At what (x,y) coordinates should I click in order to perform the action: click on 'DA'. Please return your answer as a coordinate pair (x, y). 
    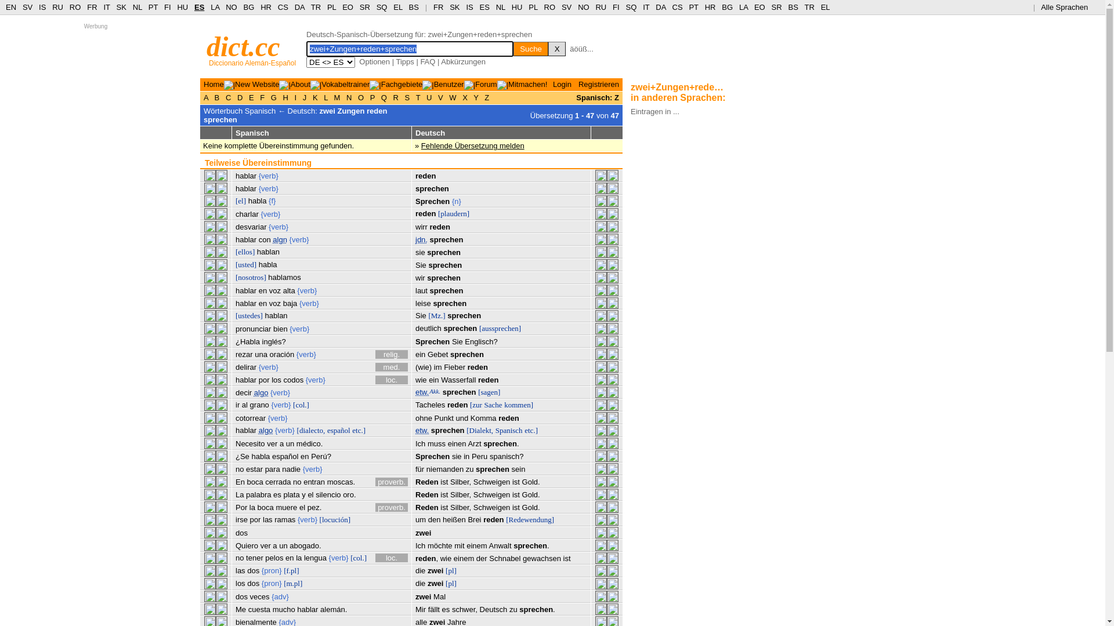
    Looking at the image, I should click on (299, 7).